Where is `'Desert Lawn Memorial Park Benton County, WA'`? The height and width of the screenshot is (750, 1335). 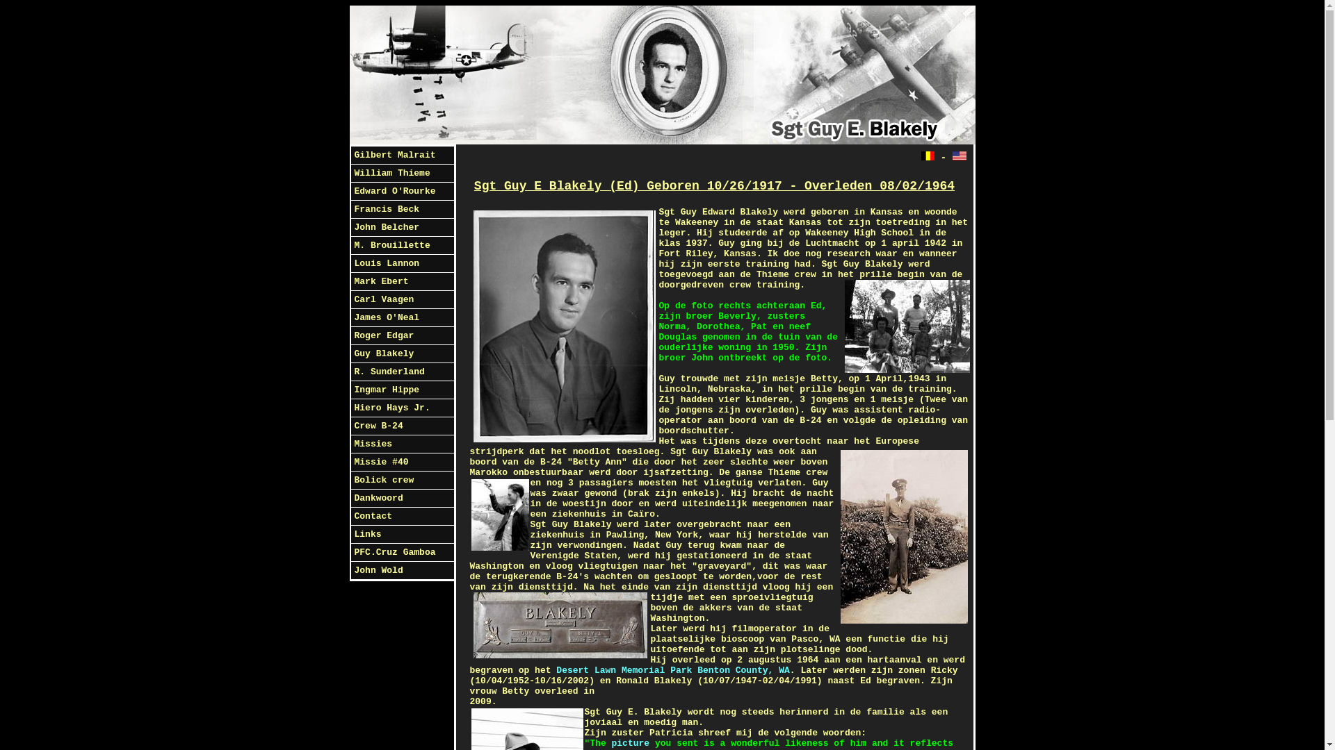
'Desert Lawn Memorial Park Benton County, WA' is located at coordinates (672, 669).